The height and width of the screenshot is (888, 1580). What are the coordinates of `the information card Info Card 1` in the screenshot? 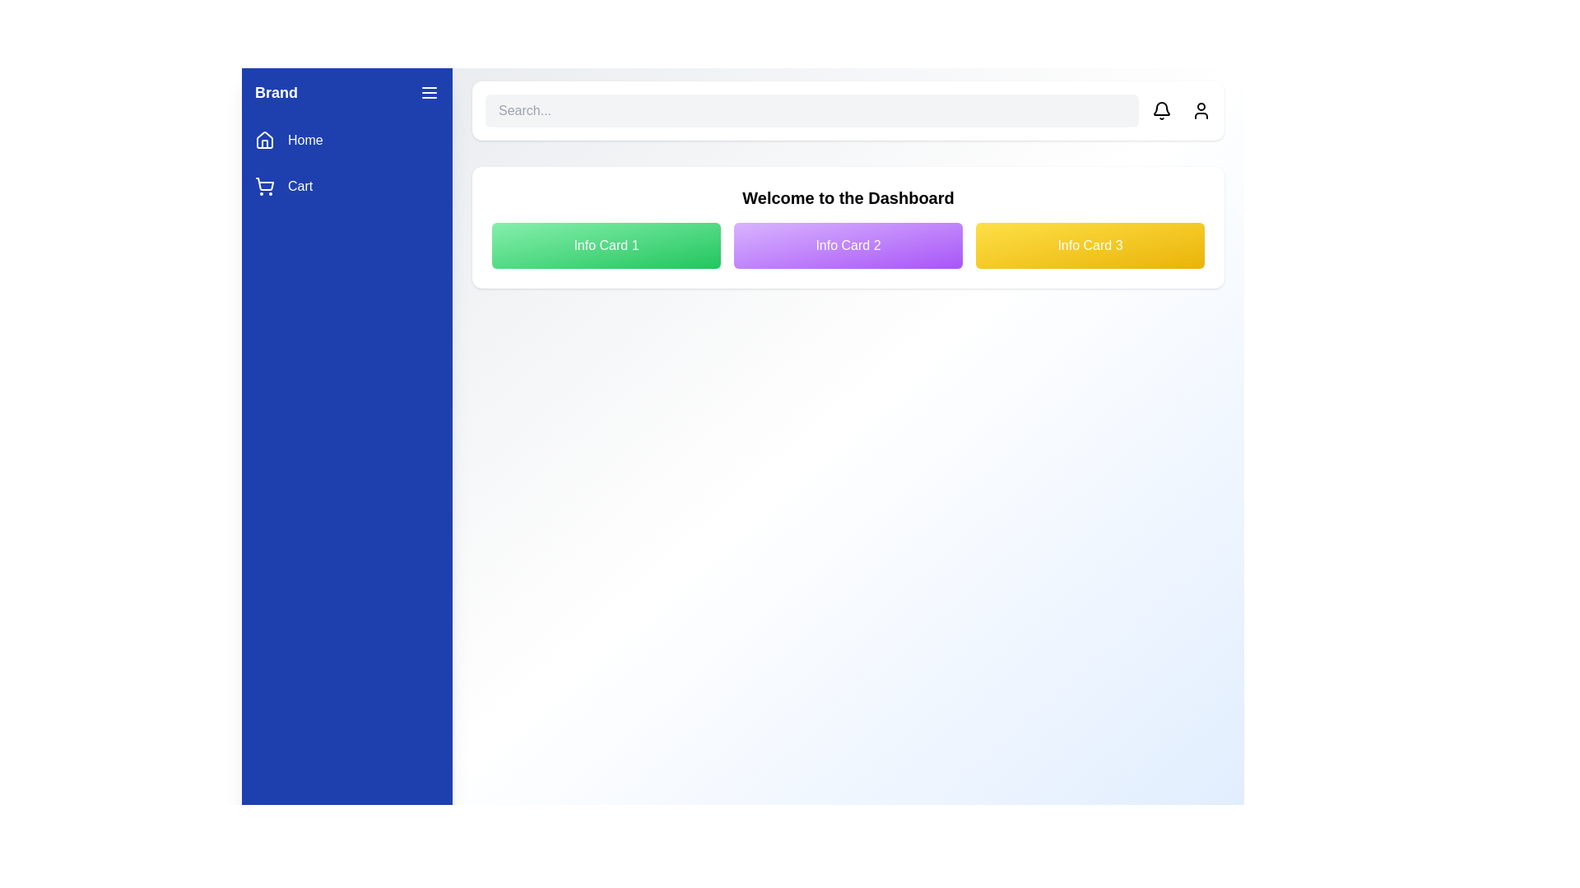 It's located at (606, 246).